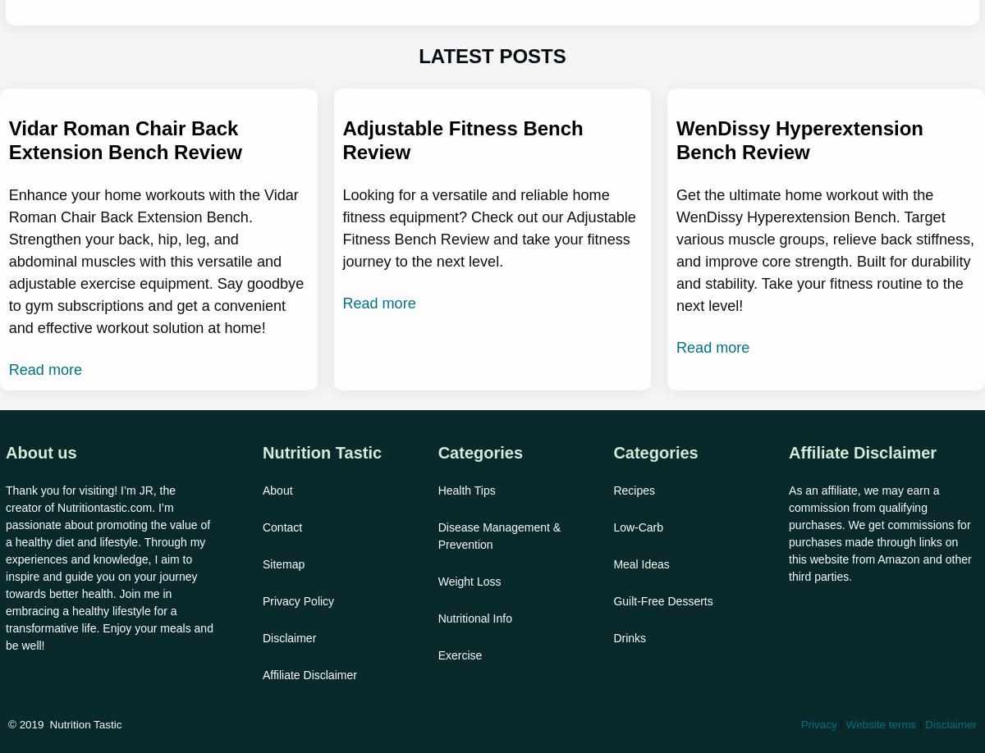 This screenshot has height=753, width=985. Describe the element at coordinates (799, 139) in the screenshot. I see `'WenDissy Hyperextension Bench Review'` at that location.